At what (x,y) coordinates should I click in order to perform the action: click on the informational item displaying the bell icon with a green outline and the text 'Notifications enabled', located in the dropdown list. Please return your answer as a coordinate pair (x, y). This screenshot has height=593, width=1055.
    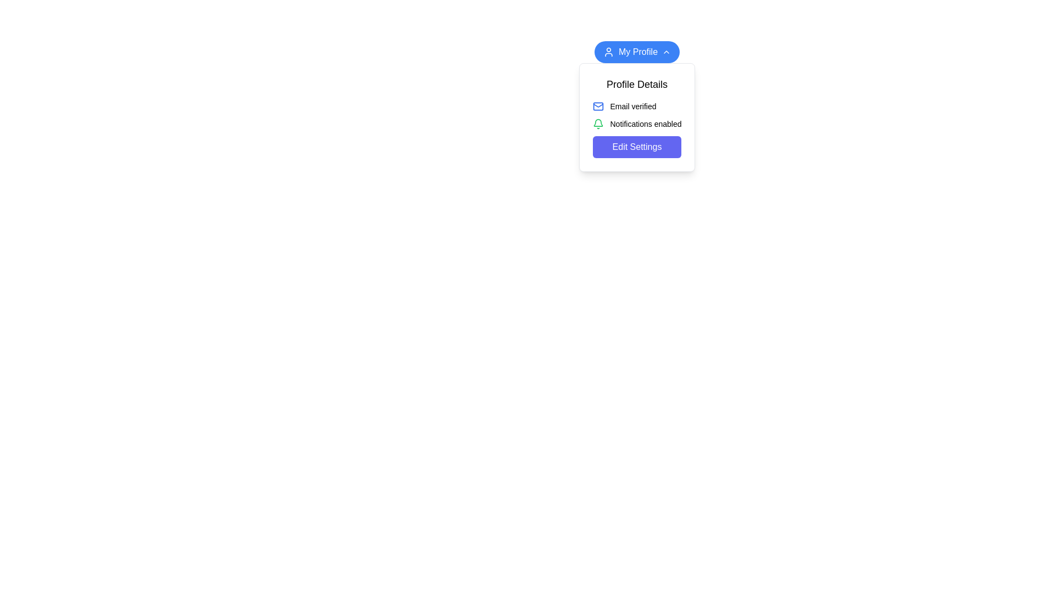
    Looking at the image, I should click on (637, 124).